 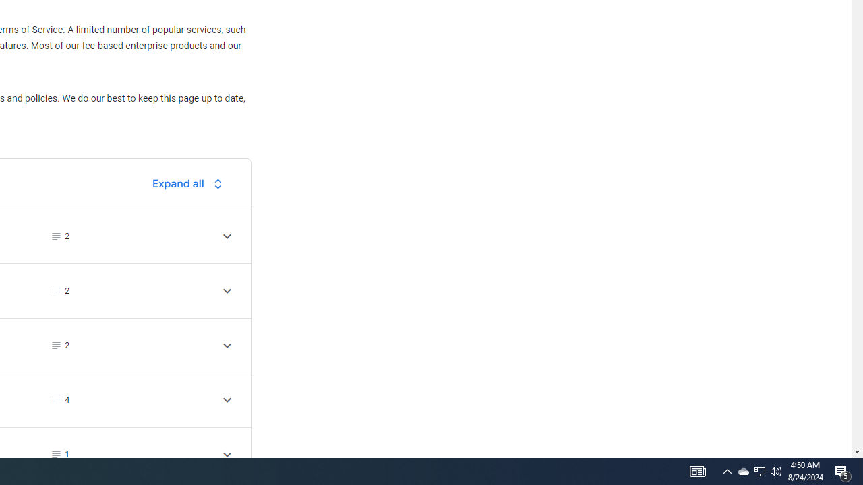 I want to click on 'Expand all', so click(x=190, y=183).